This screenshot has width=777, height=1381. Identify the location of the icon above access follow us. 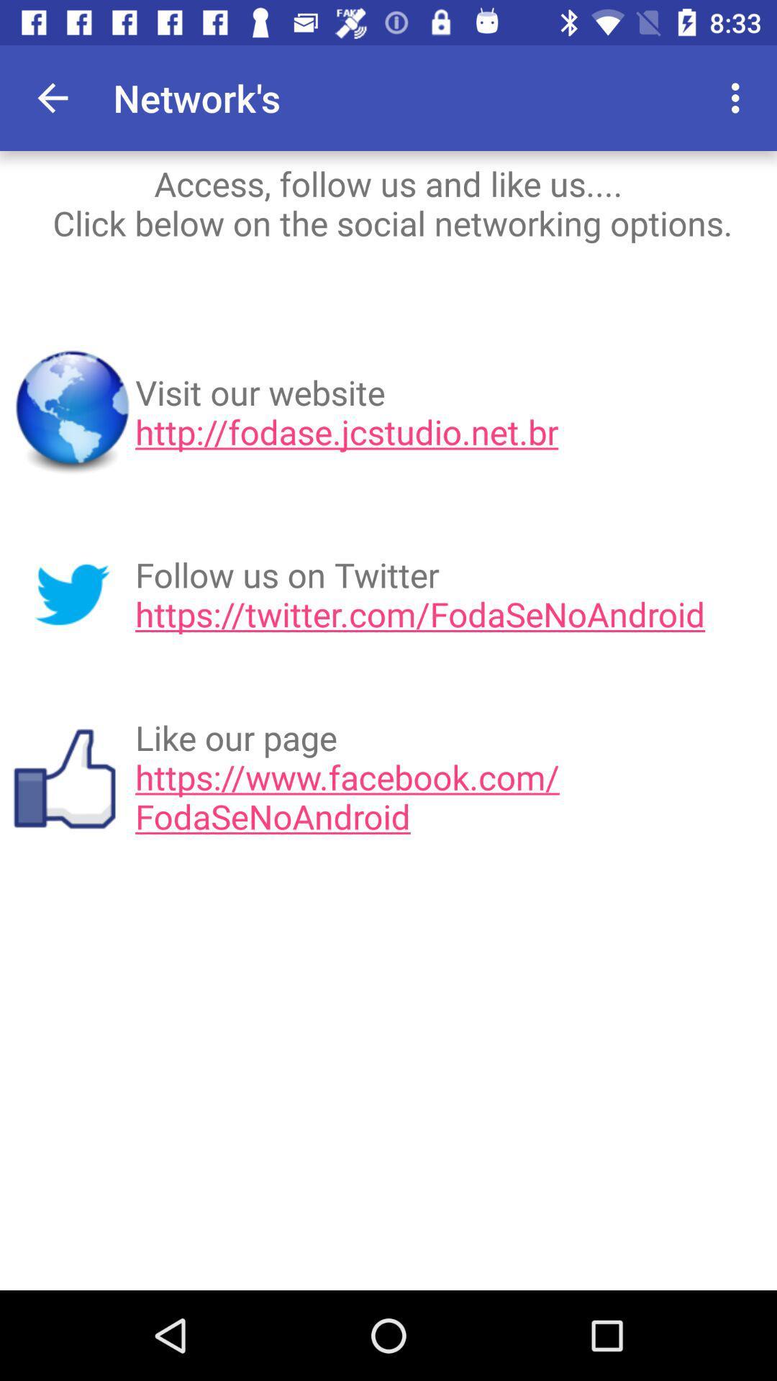
(739, 97).